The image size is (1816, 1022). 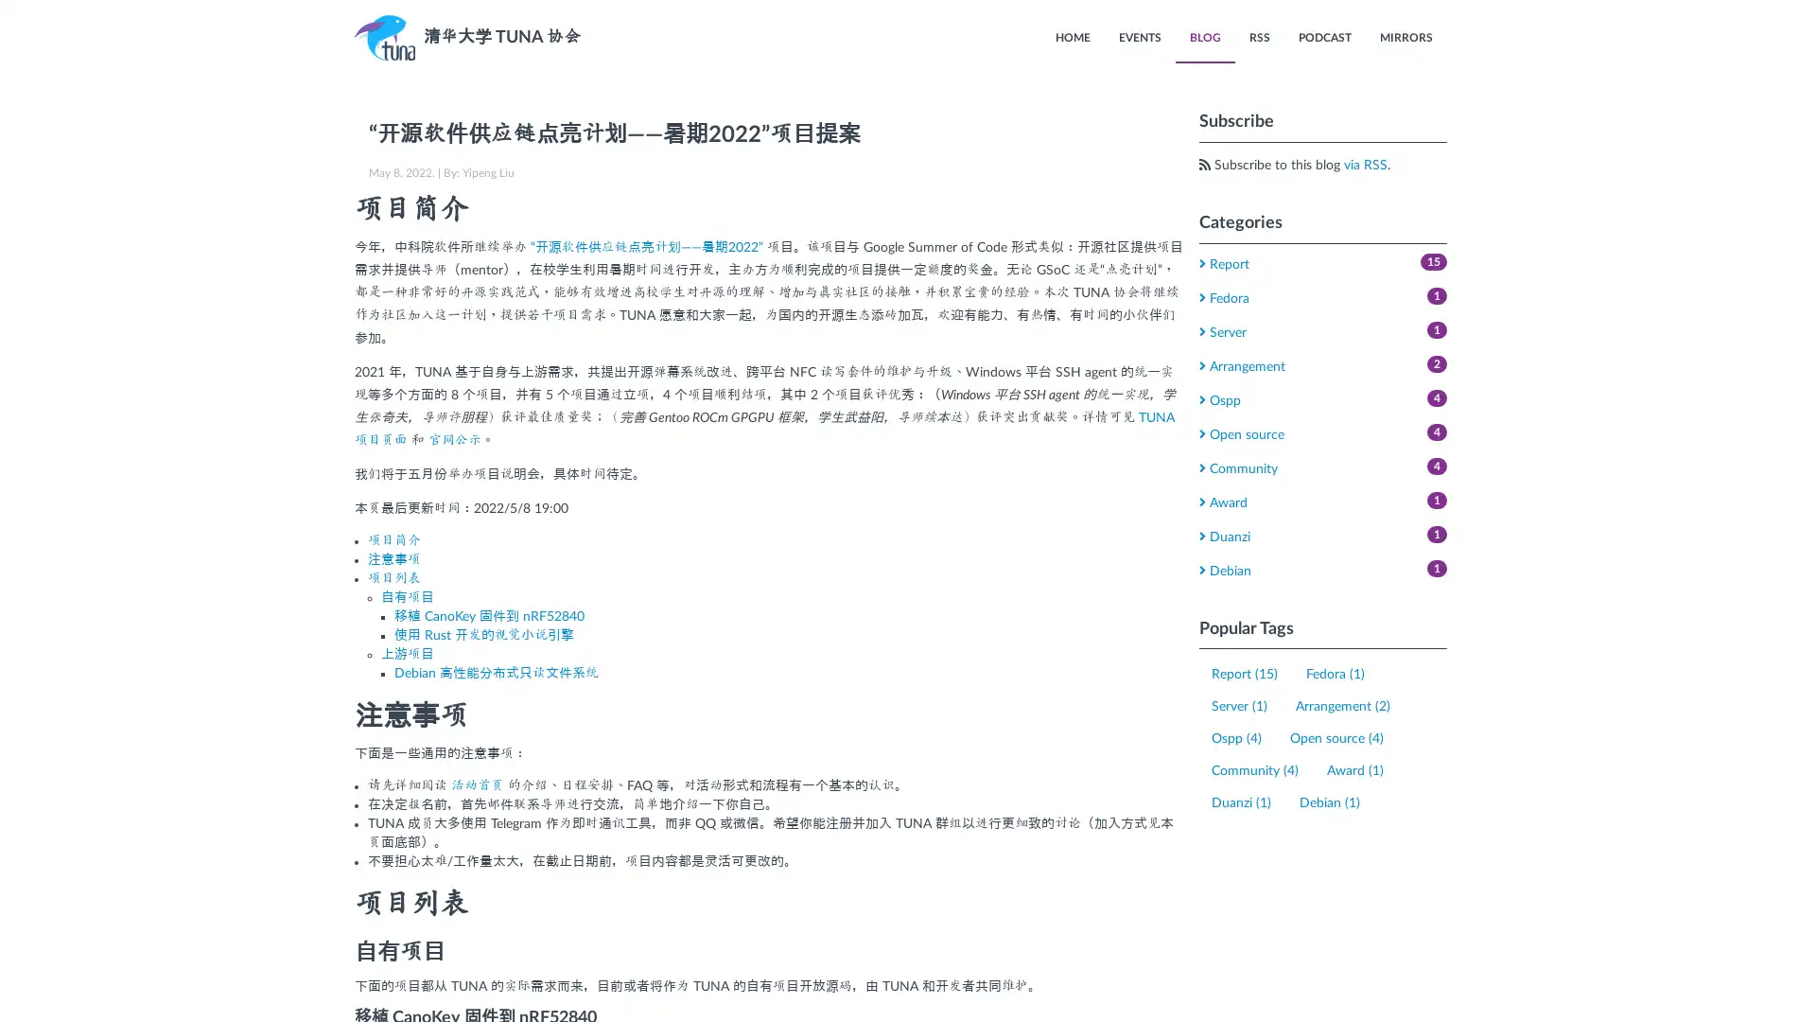 What do you see at coordinates (1238, 707) in the screenshot?
I see `Server (1)` at bounding box center [1238, 707].